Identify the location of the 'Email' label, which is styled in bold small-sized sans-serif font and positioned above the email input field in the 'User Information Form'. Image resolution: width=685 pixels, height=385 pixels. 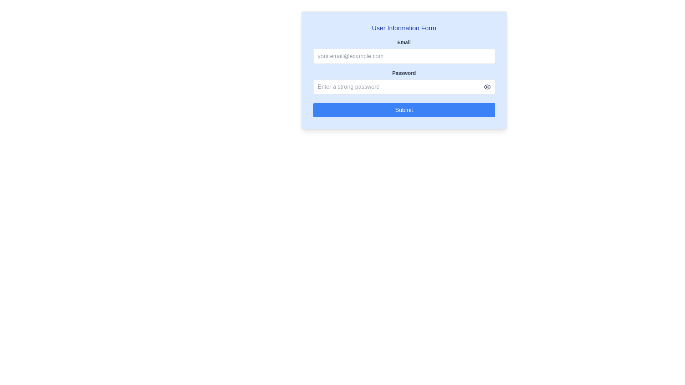
(404, 42).